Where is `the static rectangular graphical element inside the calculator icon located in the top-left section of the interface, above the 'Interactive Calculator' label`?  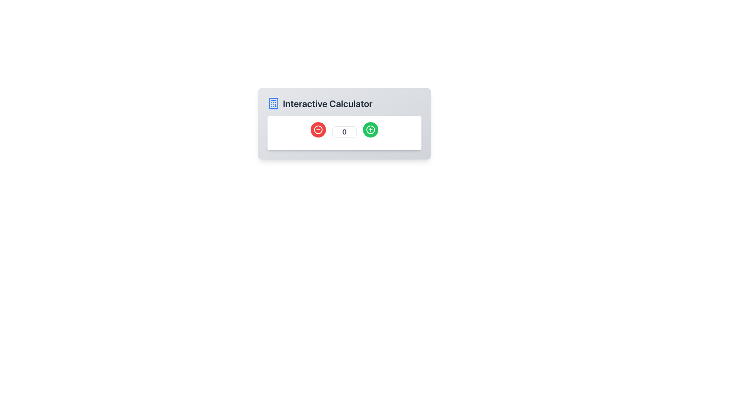
the static rectangular graphical element inside the calculator icon located in the top-left section of the interface, above the 'Interactive Calculator' label is located at coordinates (273, 103).